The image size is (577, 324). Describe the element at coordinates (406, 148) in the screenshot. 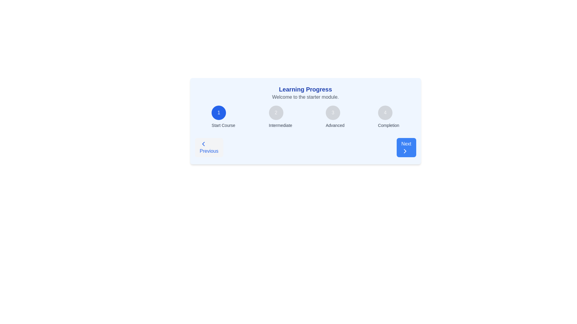

I see `the 'Next' button to navigate to the next step` at that location.